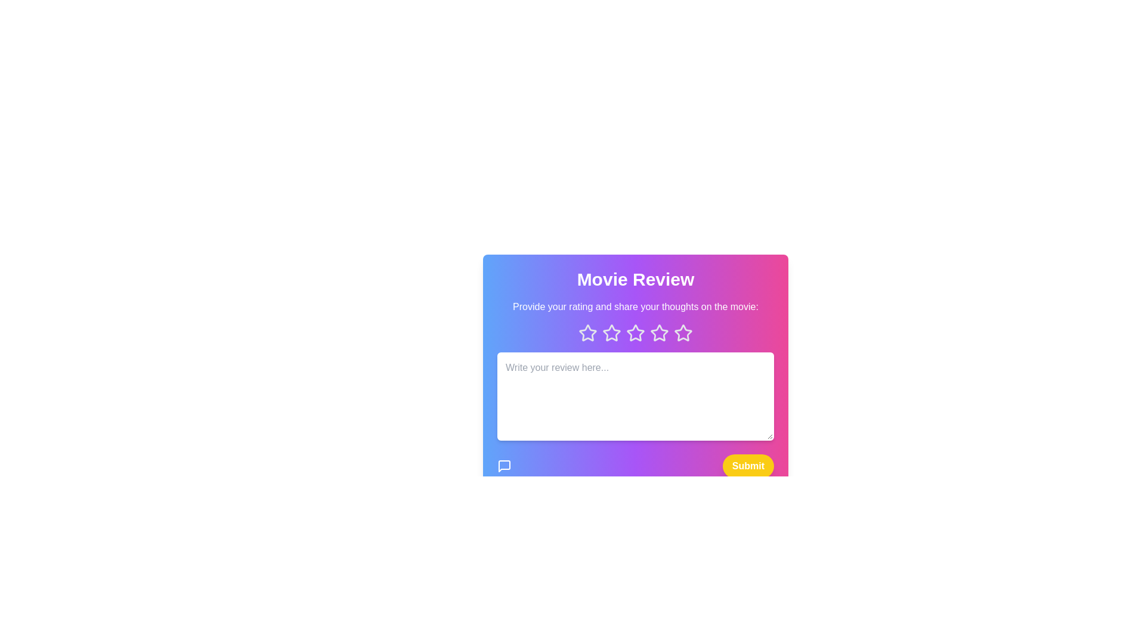  What do you see at coordinates (612, 333) in the screenshot?
I see `the star icon corresponding to 2 to preview the rating` at bounding box center [612, 333].